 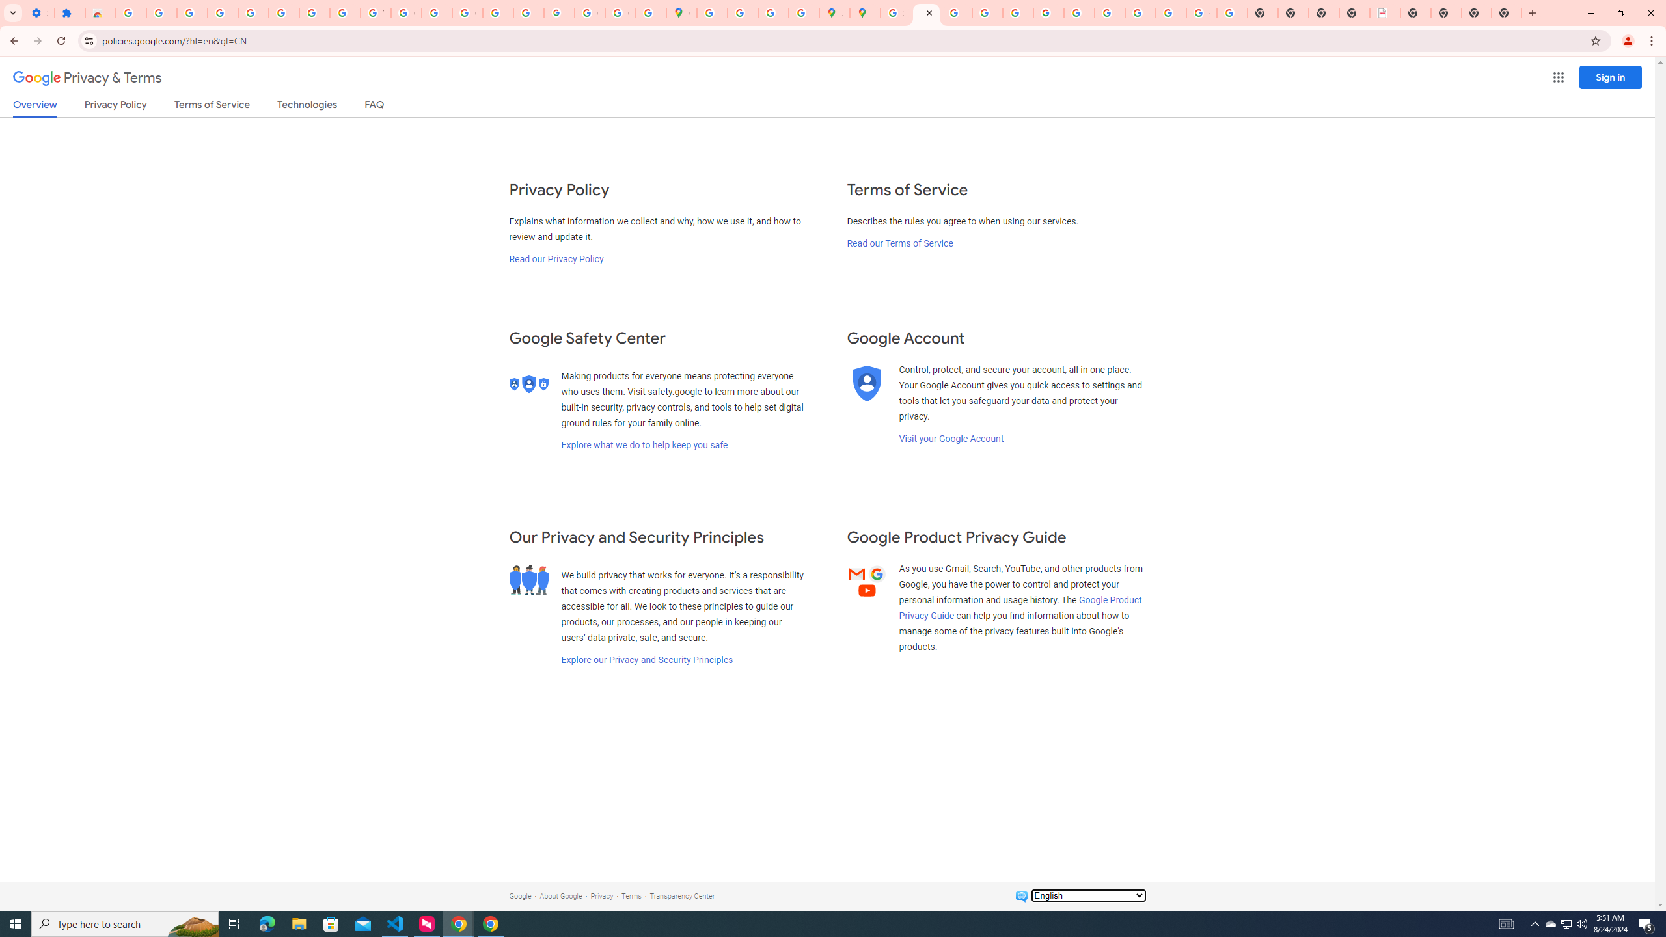 I want to click on 'About Google', so click(x=560, y=895).